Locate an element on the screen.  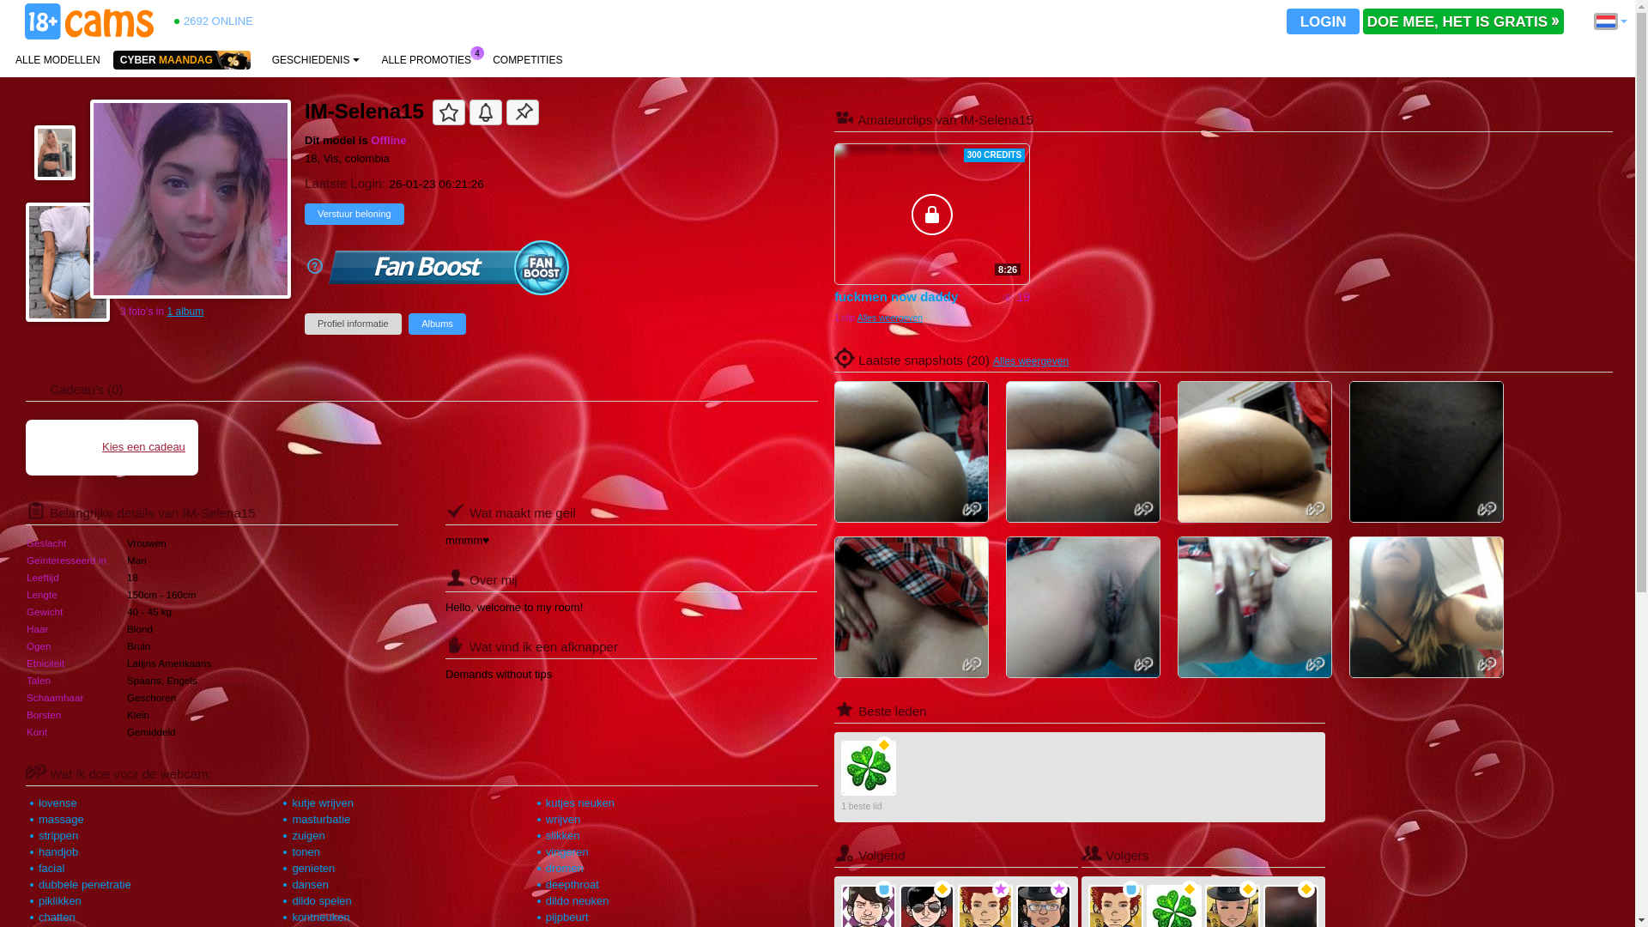
'dildo spelen' is located at coordinates (321, 900).